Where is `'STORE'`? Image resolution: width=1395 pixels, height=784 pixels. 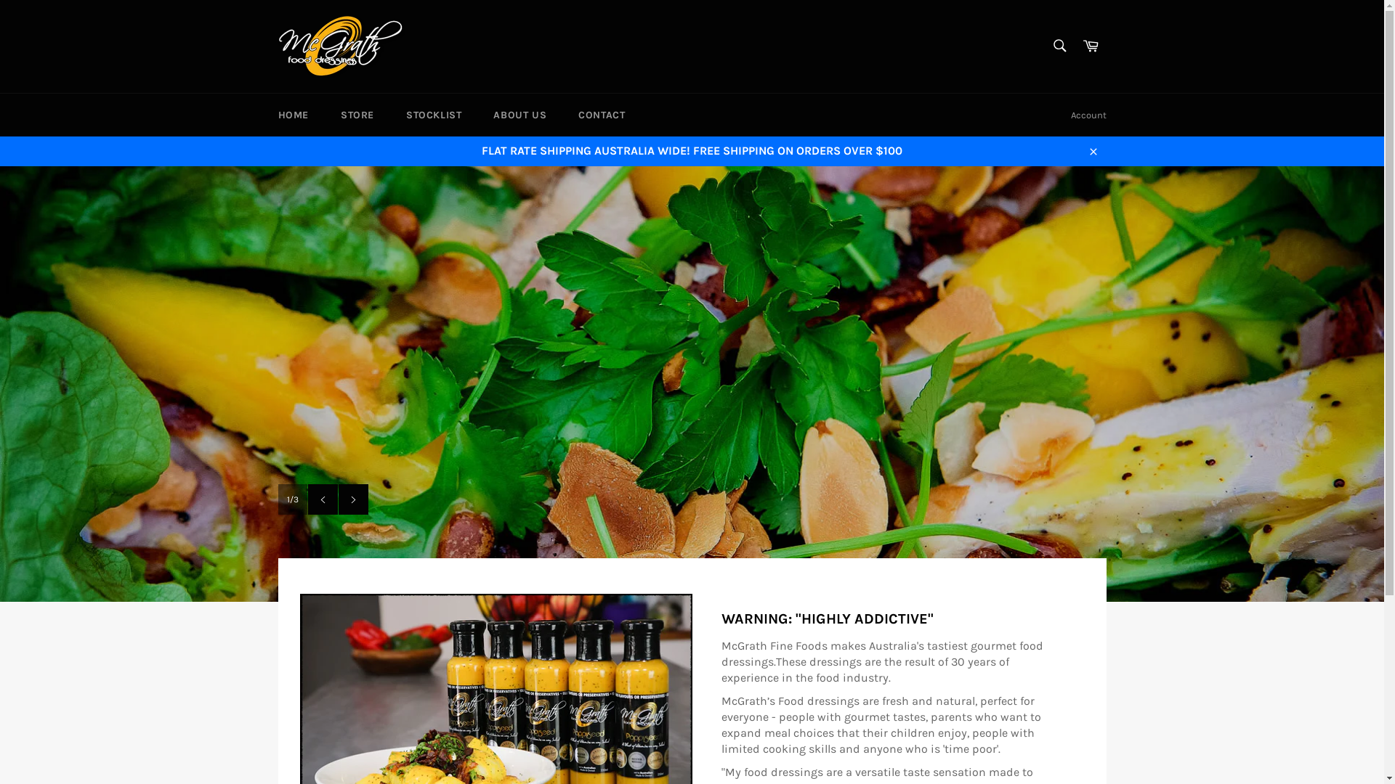 'STORE' is located at coordinates (357, 114).